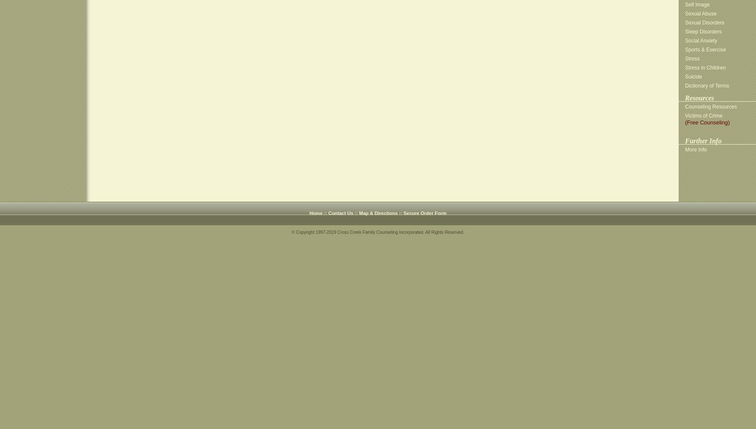 This screenshot has height=429, width=756. What do you see at coordinates (685, 23) in the screenshot?
I see `'Sexual Disorders'` at bounding box center [685, 23].